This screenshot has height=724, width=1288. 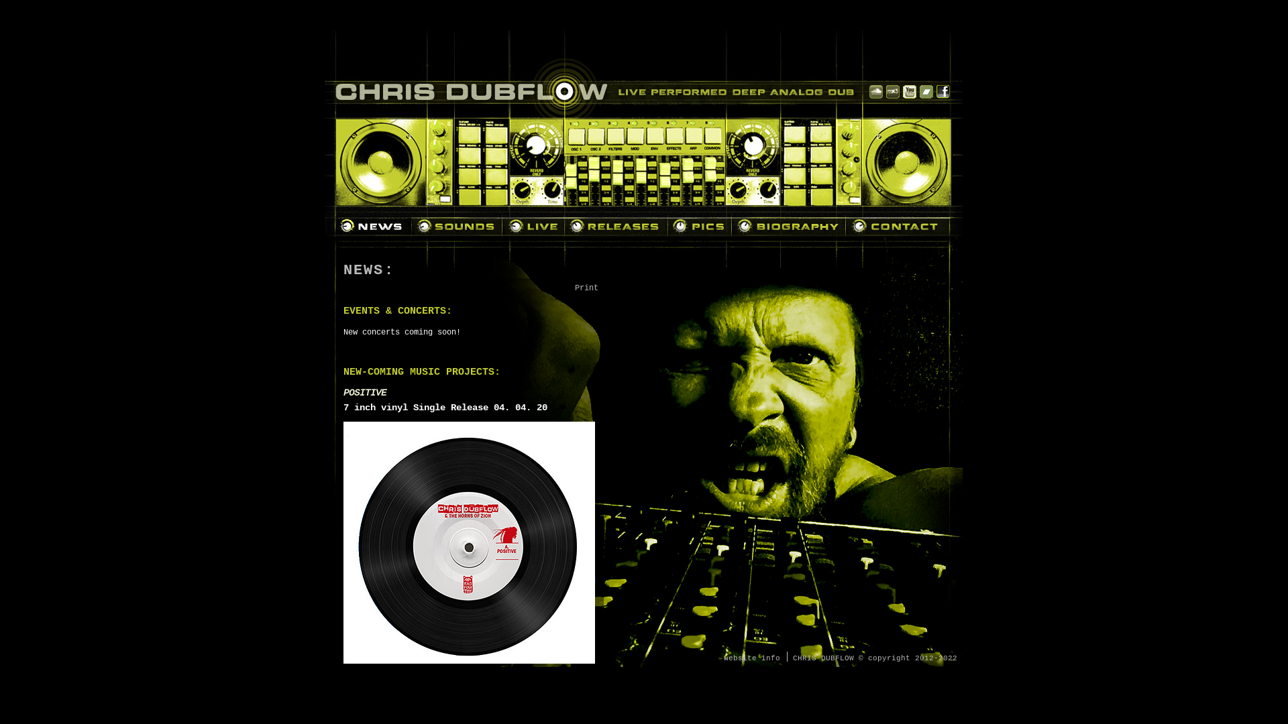 I want to click on 'SOUNCLOUD', so click(x=875, y=91).